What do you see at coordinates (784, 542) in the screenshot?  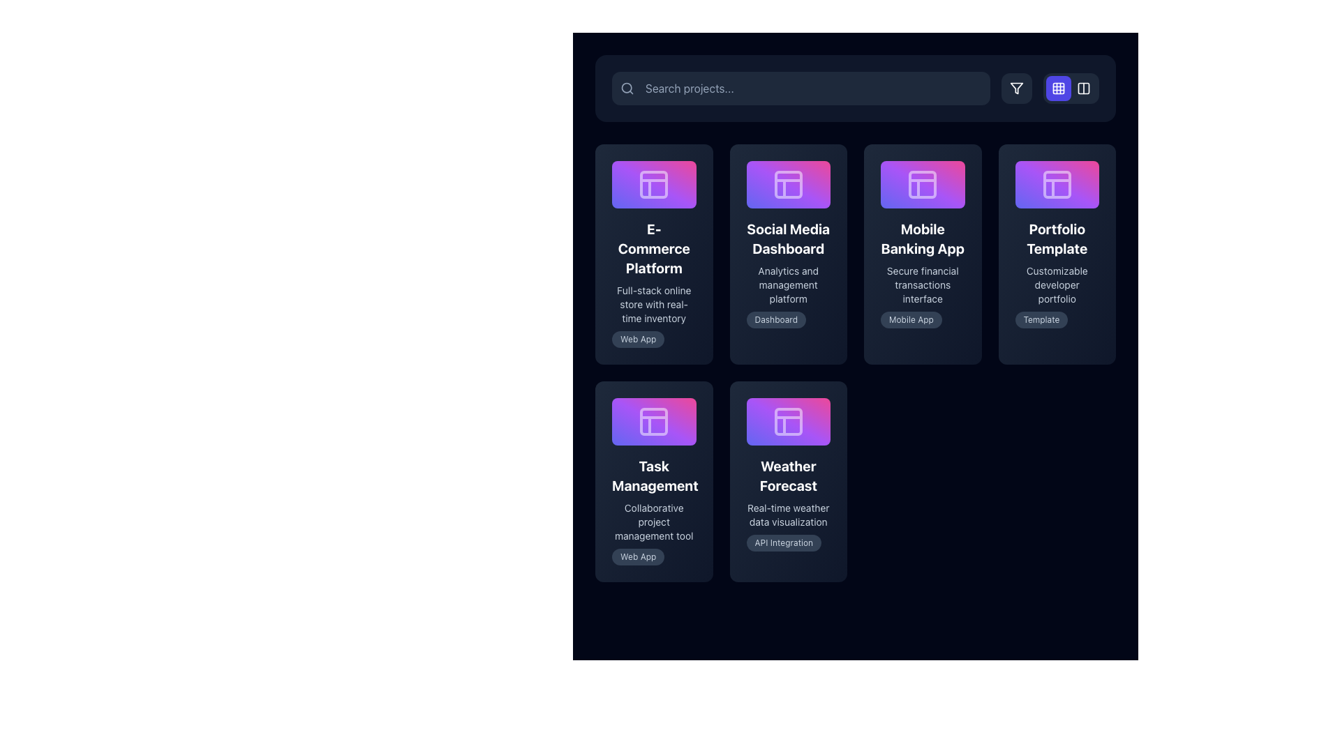 I see `the pill-shaped tag labeled 'API Integration' with a dark slate background` at bounding box center [784, 542].